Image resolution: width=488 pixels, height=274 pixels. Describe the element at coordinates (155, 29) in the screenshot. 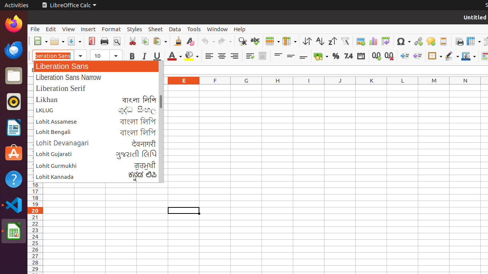

I see `'Sheet'` at that location.